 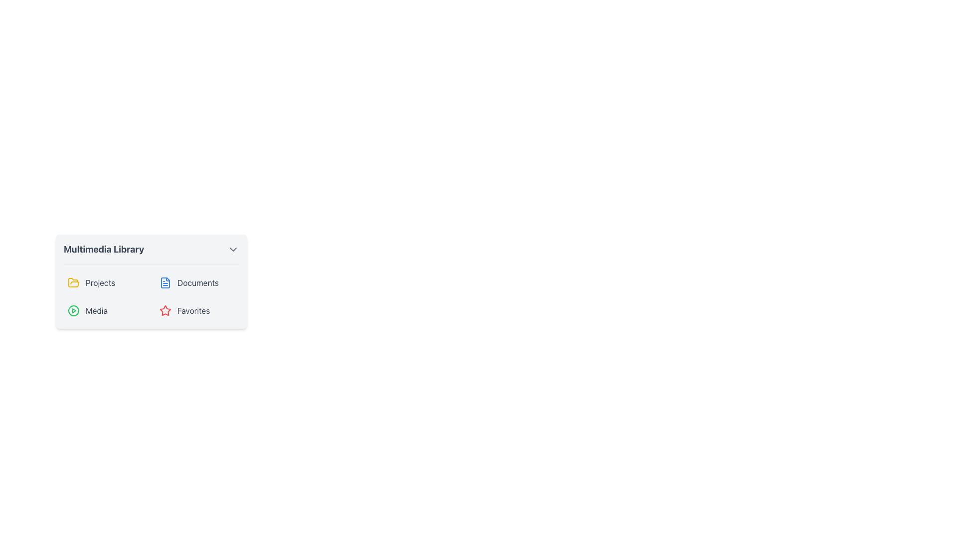 I want to click on the folder icon representing the 'Projects' category, which is the leftmost icon in the 'Projects' row adjacent to the text 'Projects', so click(x=73, y=282).